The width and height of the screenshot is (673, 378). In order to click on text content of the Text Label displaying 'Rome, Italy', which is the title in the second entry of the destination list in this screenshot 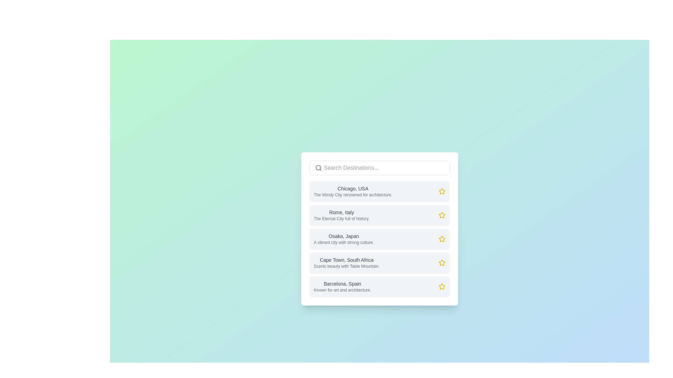, I will do `click(341, 212)`.